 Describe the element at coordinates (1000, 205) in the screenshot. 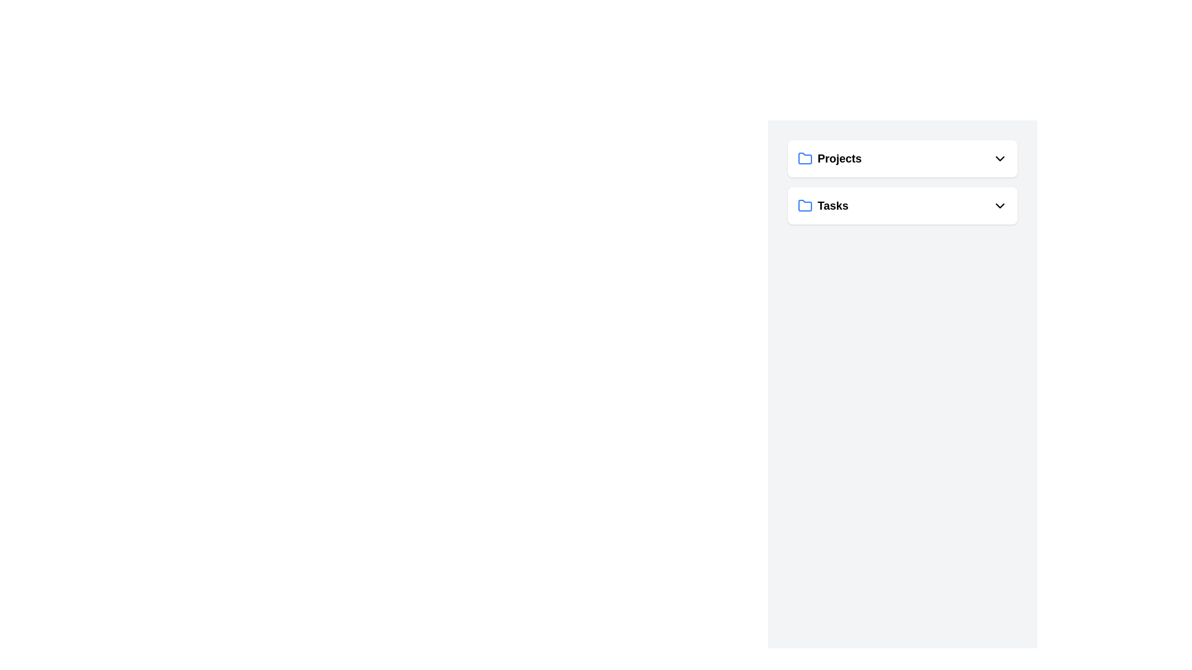

I see `the toggle button at the far right end of the 'Tasks' row` at that location.